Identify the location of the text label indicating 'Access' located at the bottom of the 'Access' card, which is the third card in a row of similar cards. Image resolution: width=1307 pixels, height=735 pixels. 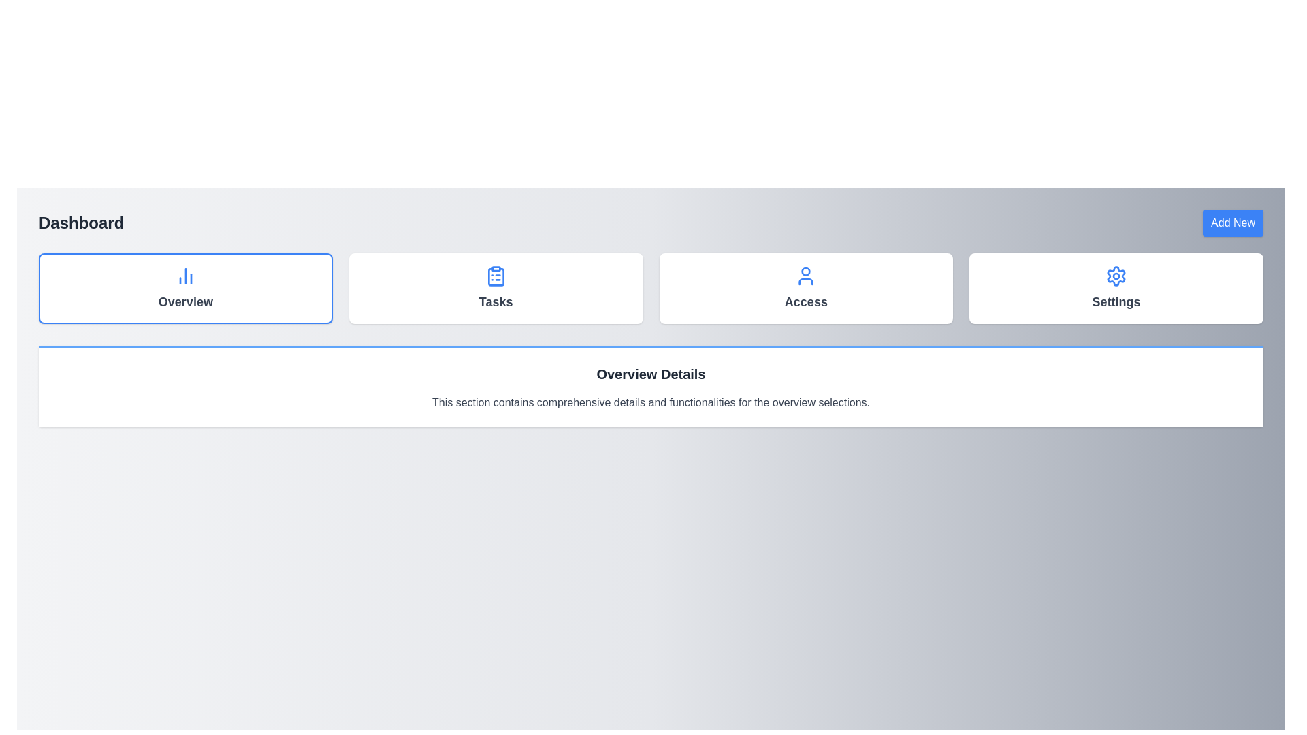
(806, 301).